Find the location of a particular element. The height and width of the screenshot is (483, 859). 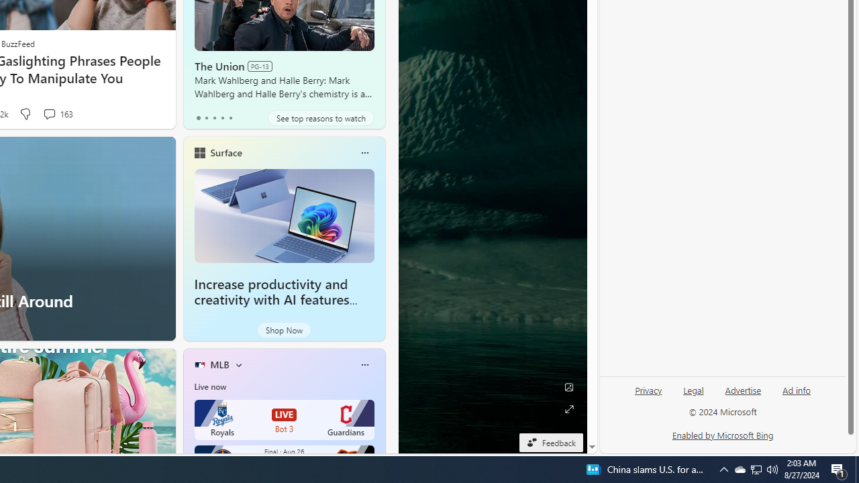

'Shop Now' is located at coordinates (283, 330).